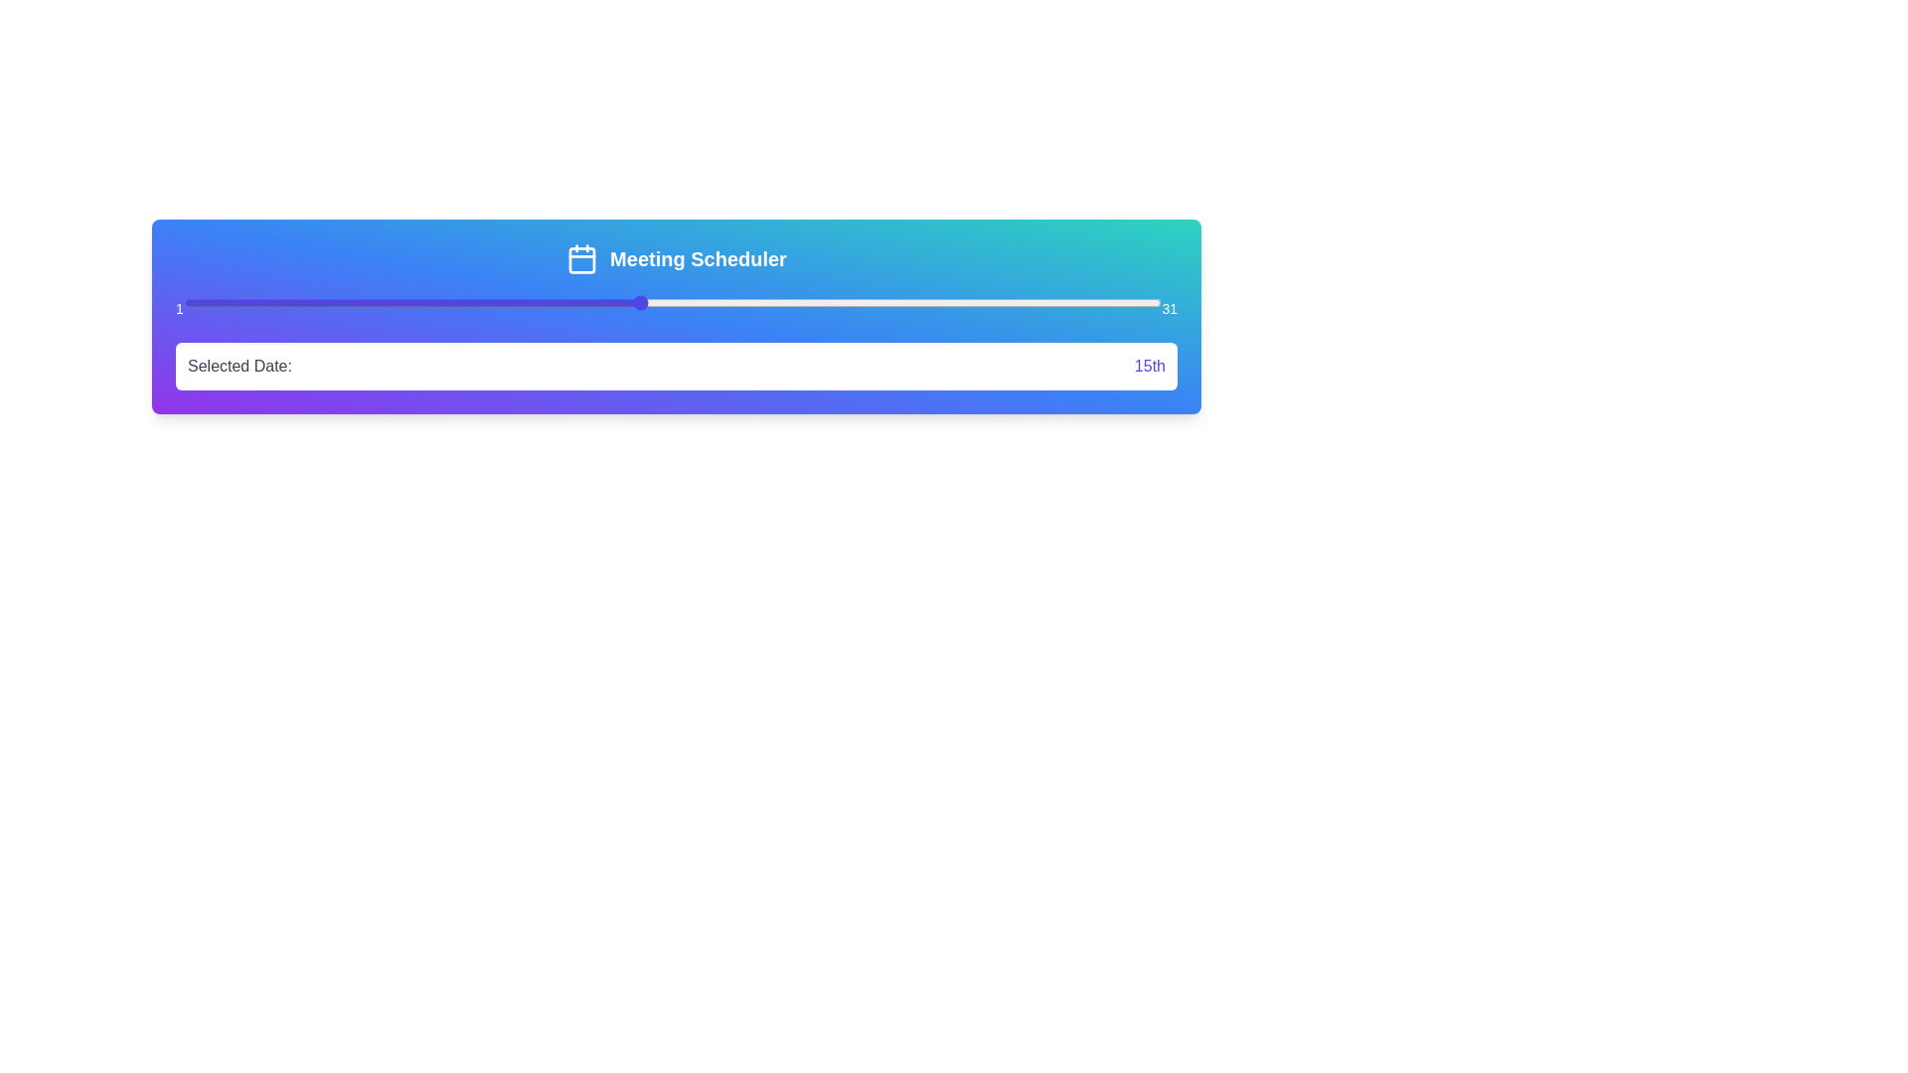 This screenshot has height=1073, width=1908. I want to click on the text label displaying the date '15th' in the meeting scheduler interface, so click(1150, 367).